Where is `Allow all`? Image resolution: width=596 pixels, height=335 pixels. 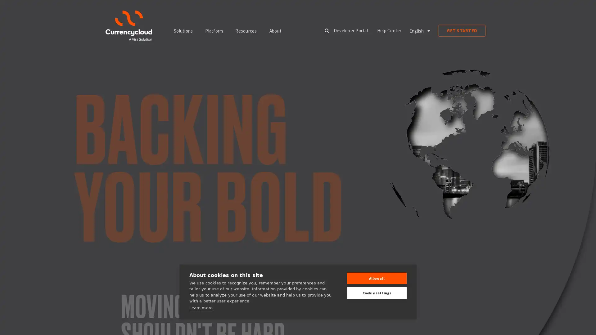
Allow all is located at coordinates (377, 278).